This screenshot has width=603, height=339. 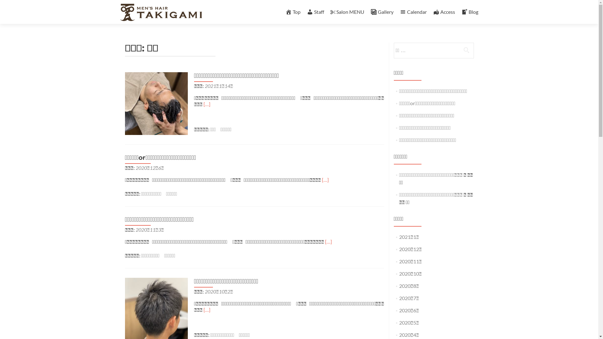 What do you see at coordinates (347, 12) in the screenshot?
I see `'Salon MENU'` at bounding box center [347, 12].